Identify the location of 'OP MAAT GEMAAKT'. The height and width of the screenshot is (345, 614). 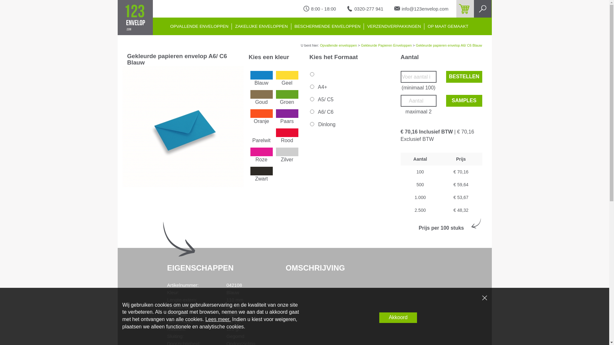
(447, 26).